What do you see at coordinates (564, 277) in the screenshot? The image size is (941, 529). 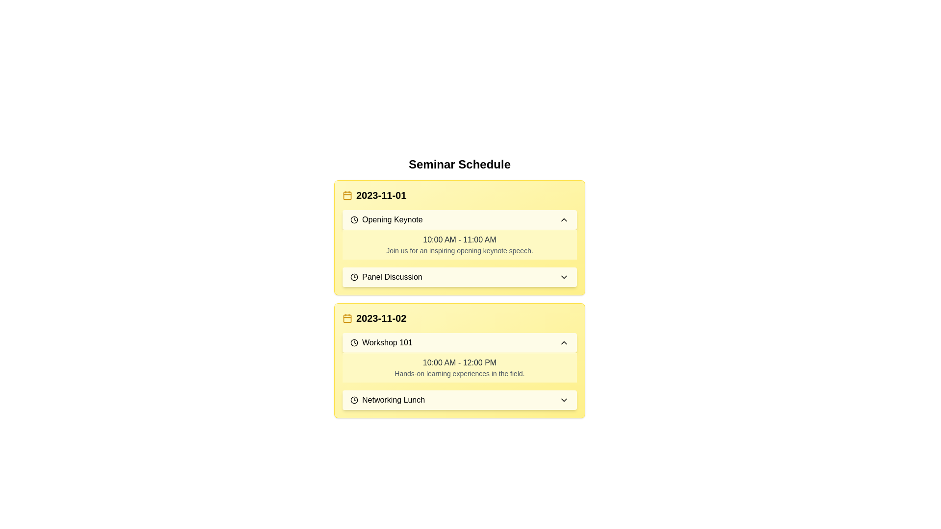 I see `the downward-facing chevron icon at the right end of the 'Panel Discussion' row` at bounding box center [564, 277].